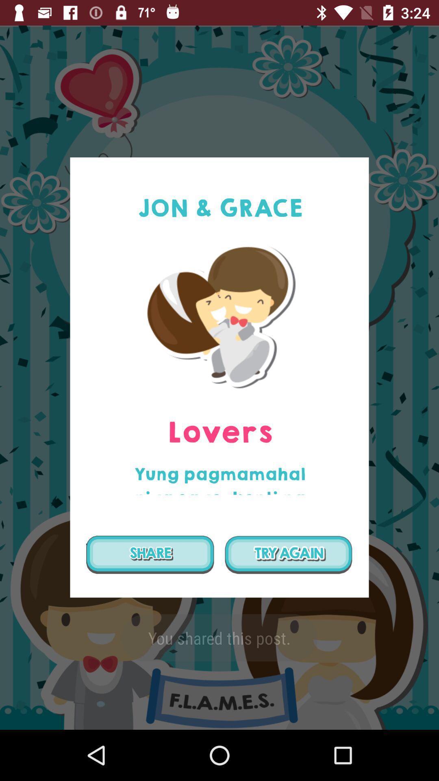 Image resolution: width=439 pixels, height=781 pixels. I want to click on try again button, so click(288, 554).